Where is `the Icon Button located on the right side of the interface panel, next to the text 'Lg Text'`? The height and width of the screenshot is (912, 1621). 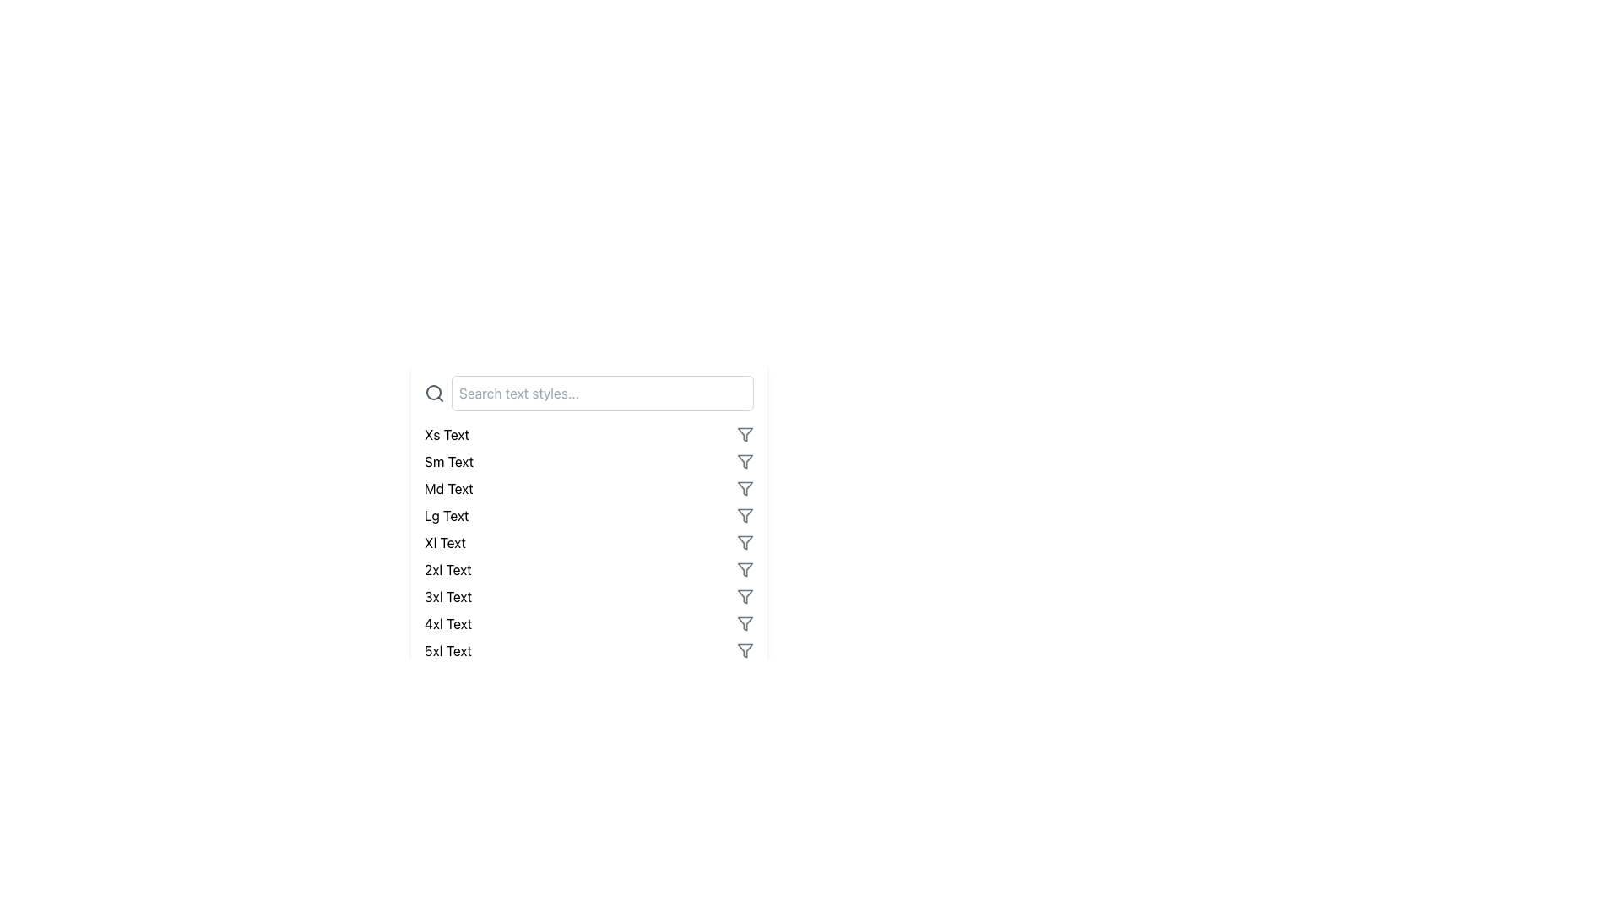 the Icon Button located on the right side of the interface panel, next to the text 'Lg Text' is located at coordinates (745, 514).